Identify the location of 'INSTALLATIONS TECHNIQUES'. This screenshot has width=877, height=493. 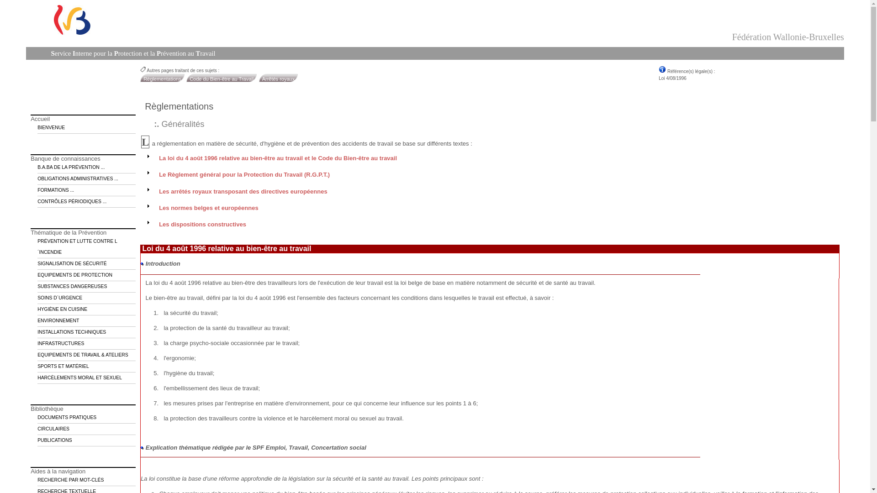
(86, 332).